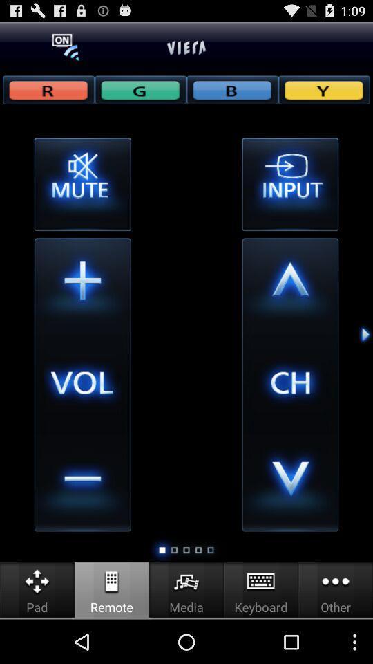 The height and width of the screenshot is (664, 373). I want to click on turn volume down, so click(82, 483).